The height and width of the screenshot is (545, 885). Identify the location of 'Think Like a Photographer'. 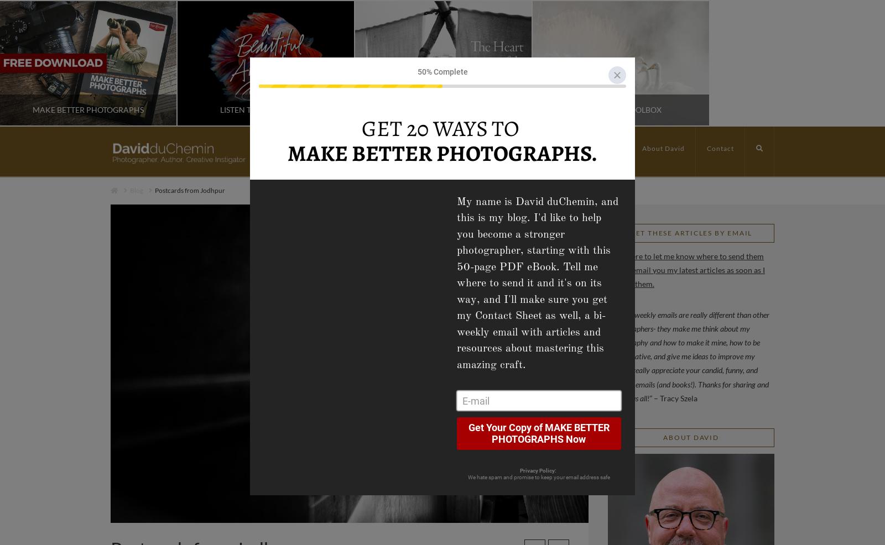
(386, 109).